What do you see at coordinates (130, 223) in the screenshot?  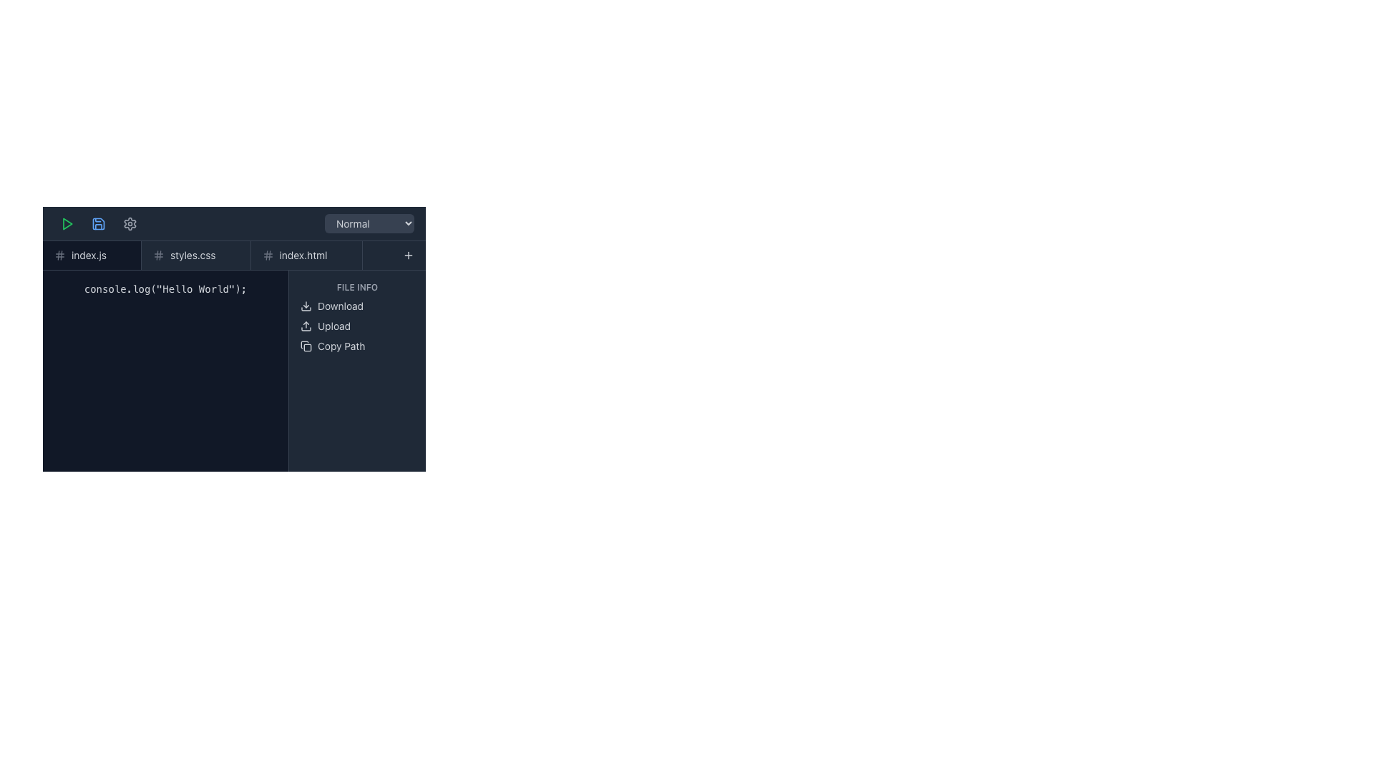 I see `the settings icon located in the header bar` at bounding box center [130, 223].